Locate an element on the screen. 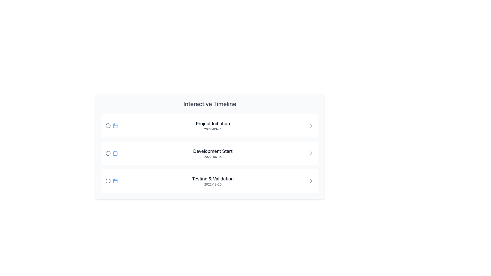 This screenshot has width=491, height=276. the first list item labeled 'Project Initiation' under the 'Interactive Timeline' header is located at coordinates (210, 126).